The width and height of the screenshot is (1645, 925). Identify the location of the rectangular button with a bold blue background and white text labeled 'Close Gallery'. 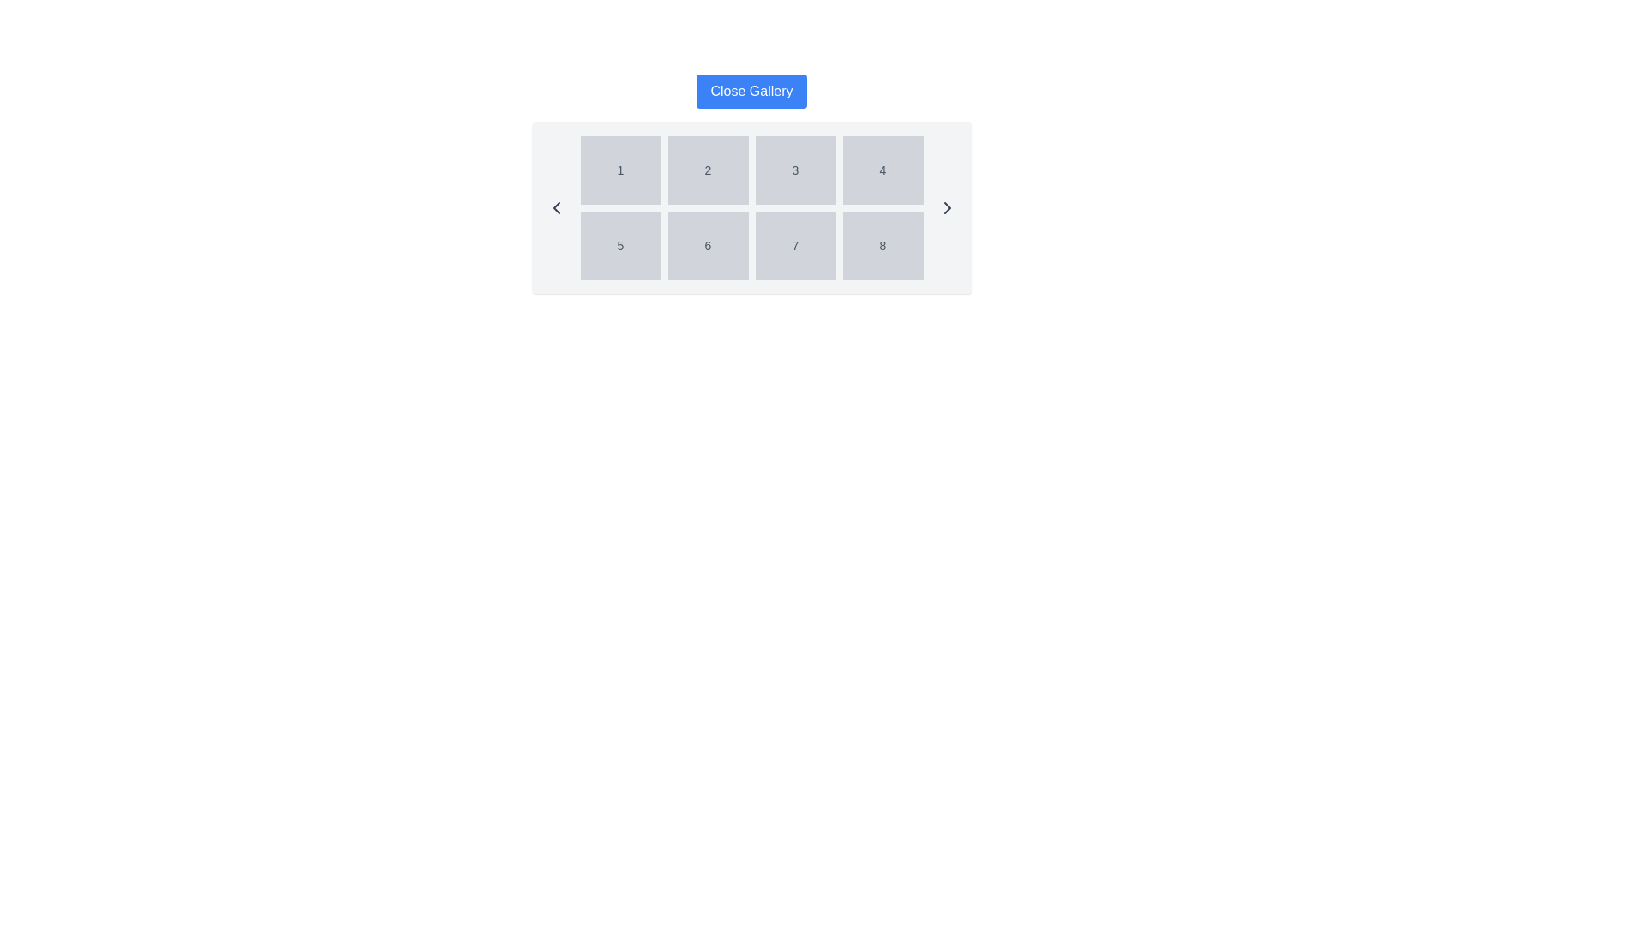
(751, 92).